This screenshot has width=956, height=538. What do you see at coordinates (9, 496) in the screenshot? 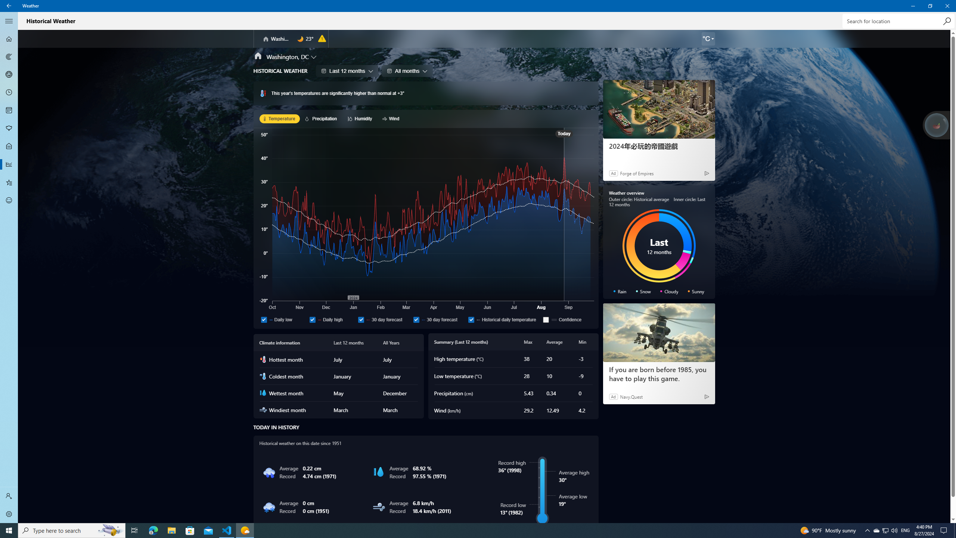
I see `'Sign in'` at bounding box center [9, 496].